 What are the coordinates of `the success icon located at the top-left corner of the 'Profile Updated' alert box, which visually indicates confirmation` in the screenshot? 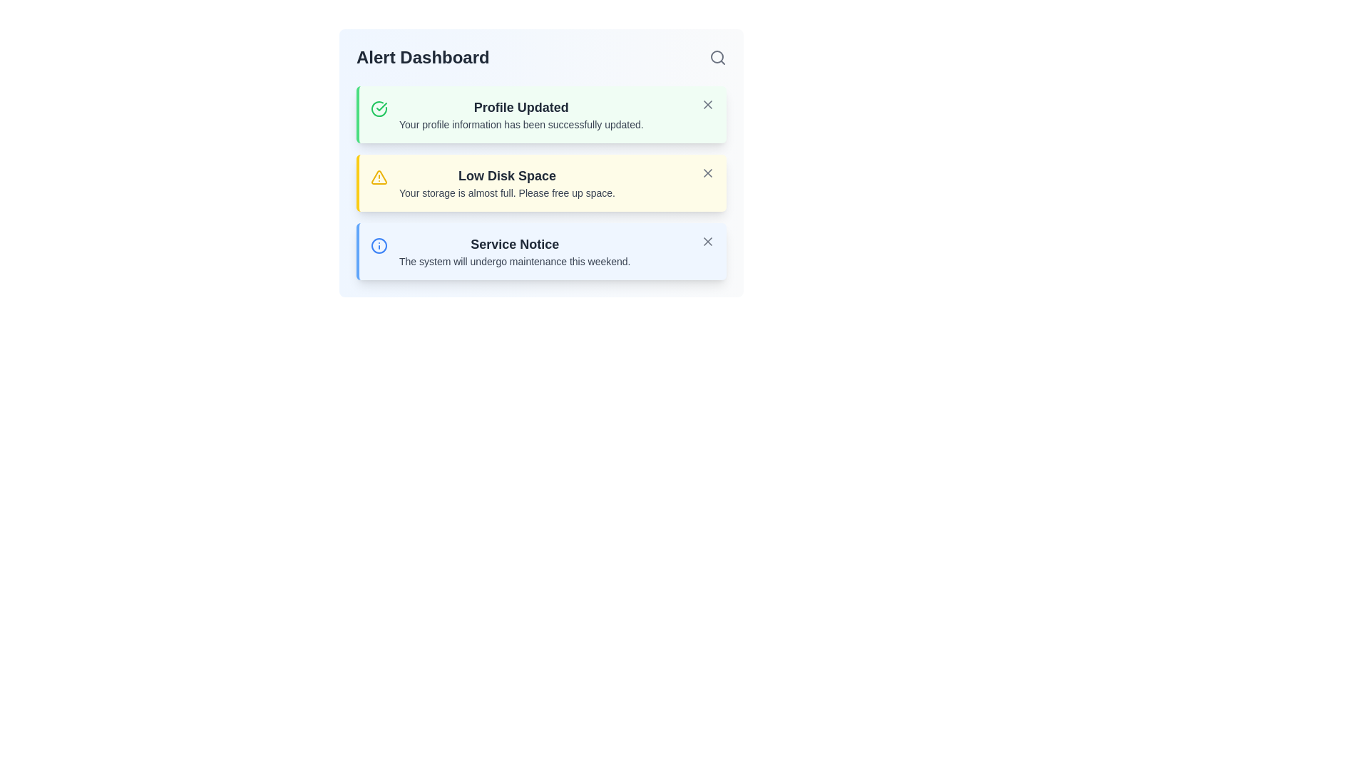 It's located at (379, 108).